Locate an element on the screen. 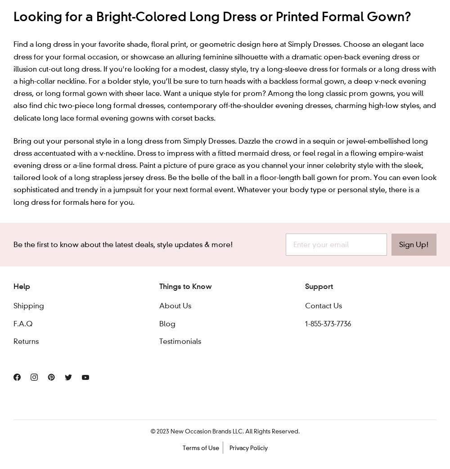 The height and width of the screenshot is (469, 450). 'Sign Up!' is located at coordinates (399, 244).